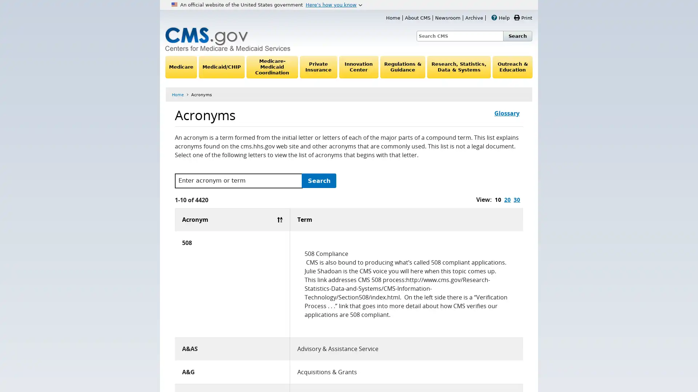 The image size is (698, 392). Describe the element at coordinates (333, 4) in the screenshot. I see `Heres how you know` at that location.